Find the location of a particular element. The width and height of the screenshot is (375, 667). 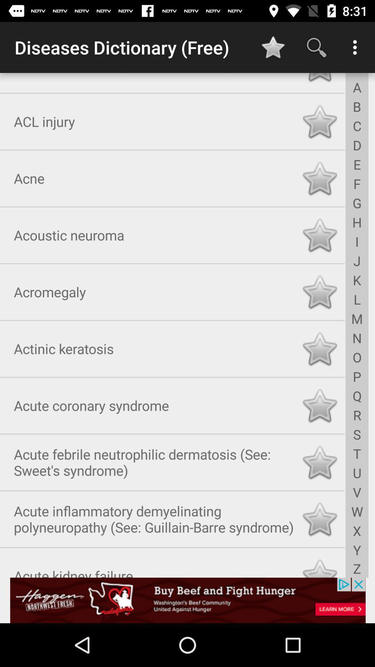

click on add is located at coordinates (187, 600).